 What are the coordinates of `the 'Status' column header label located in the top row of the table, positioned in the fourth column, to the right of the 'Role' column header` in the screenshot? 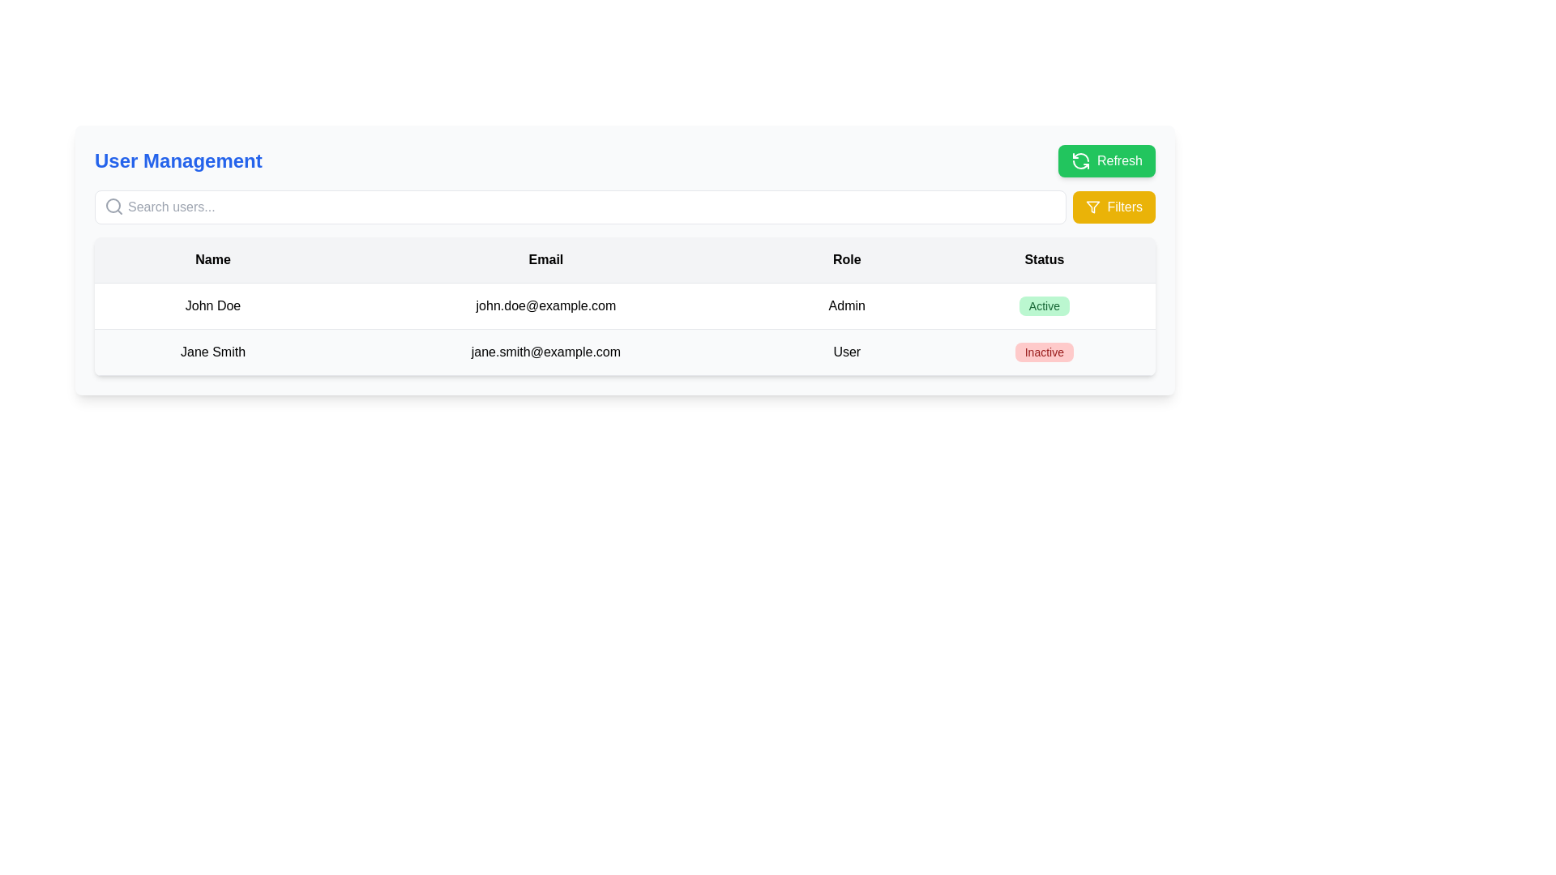 It's located at (1044, 259).